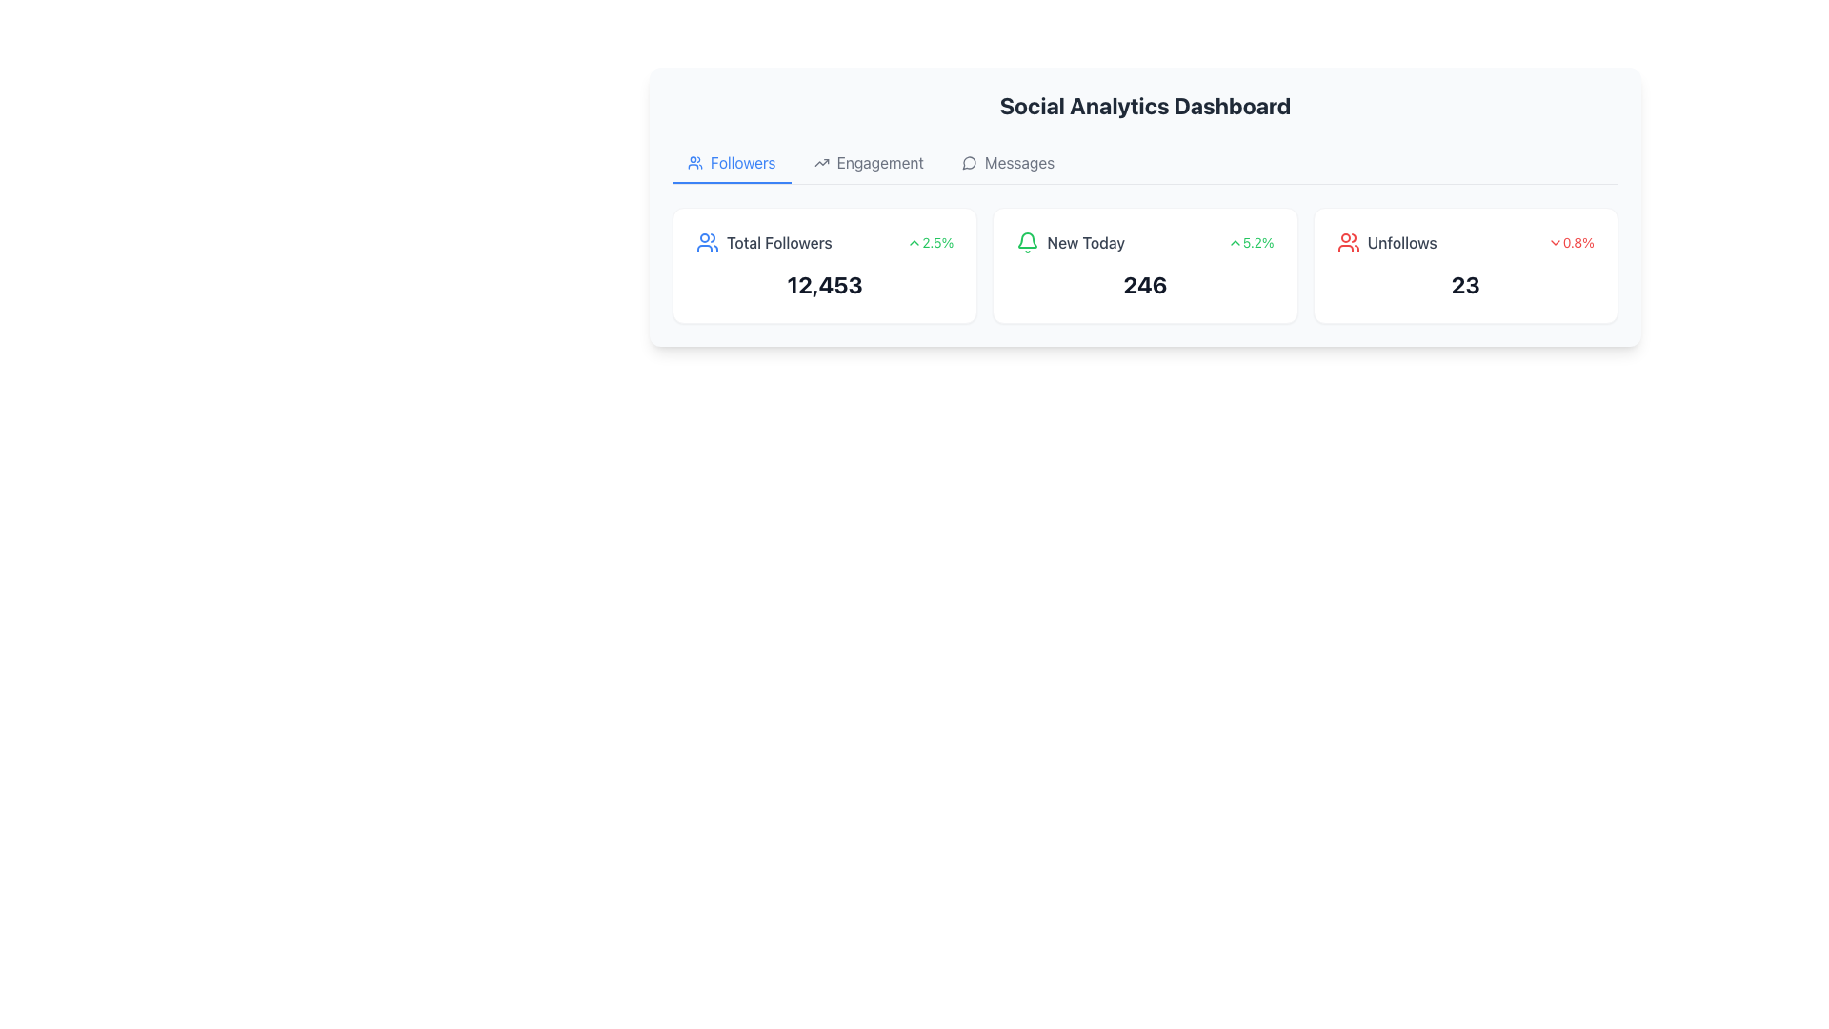 This screenshot has width=1829, height=1029. Describe the element at coordinates (1464, 285) in the screenshot. I see `numerical value '23' displayed in bold at the bottom right of the 'Unfollows' card component` at that location.